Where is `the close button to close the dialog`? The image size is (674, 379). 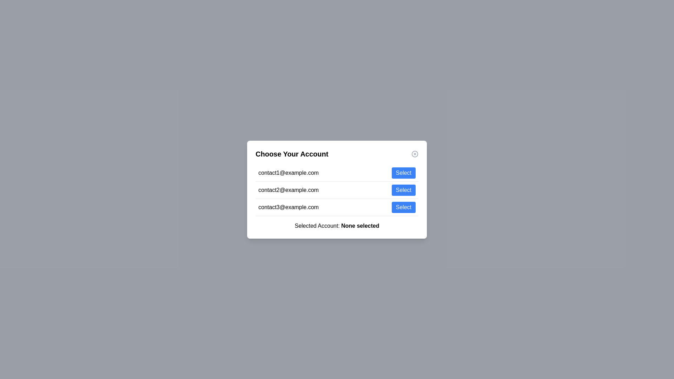
the close button to close the dialog is located at coordinates (415, 153).